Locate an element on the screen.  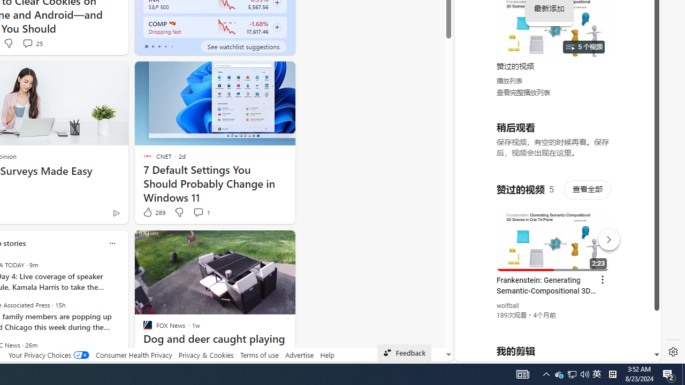
'tab-4' is located at coordinates (172, 46).